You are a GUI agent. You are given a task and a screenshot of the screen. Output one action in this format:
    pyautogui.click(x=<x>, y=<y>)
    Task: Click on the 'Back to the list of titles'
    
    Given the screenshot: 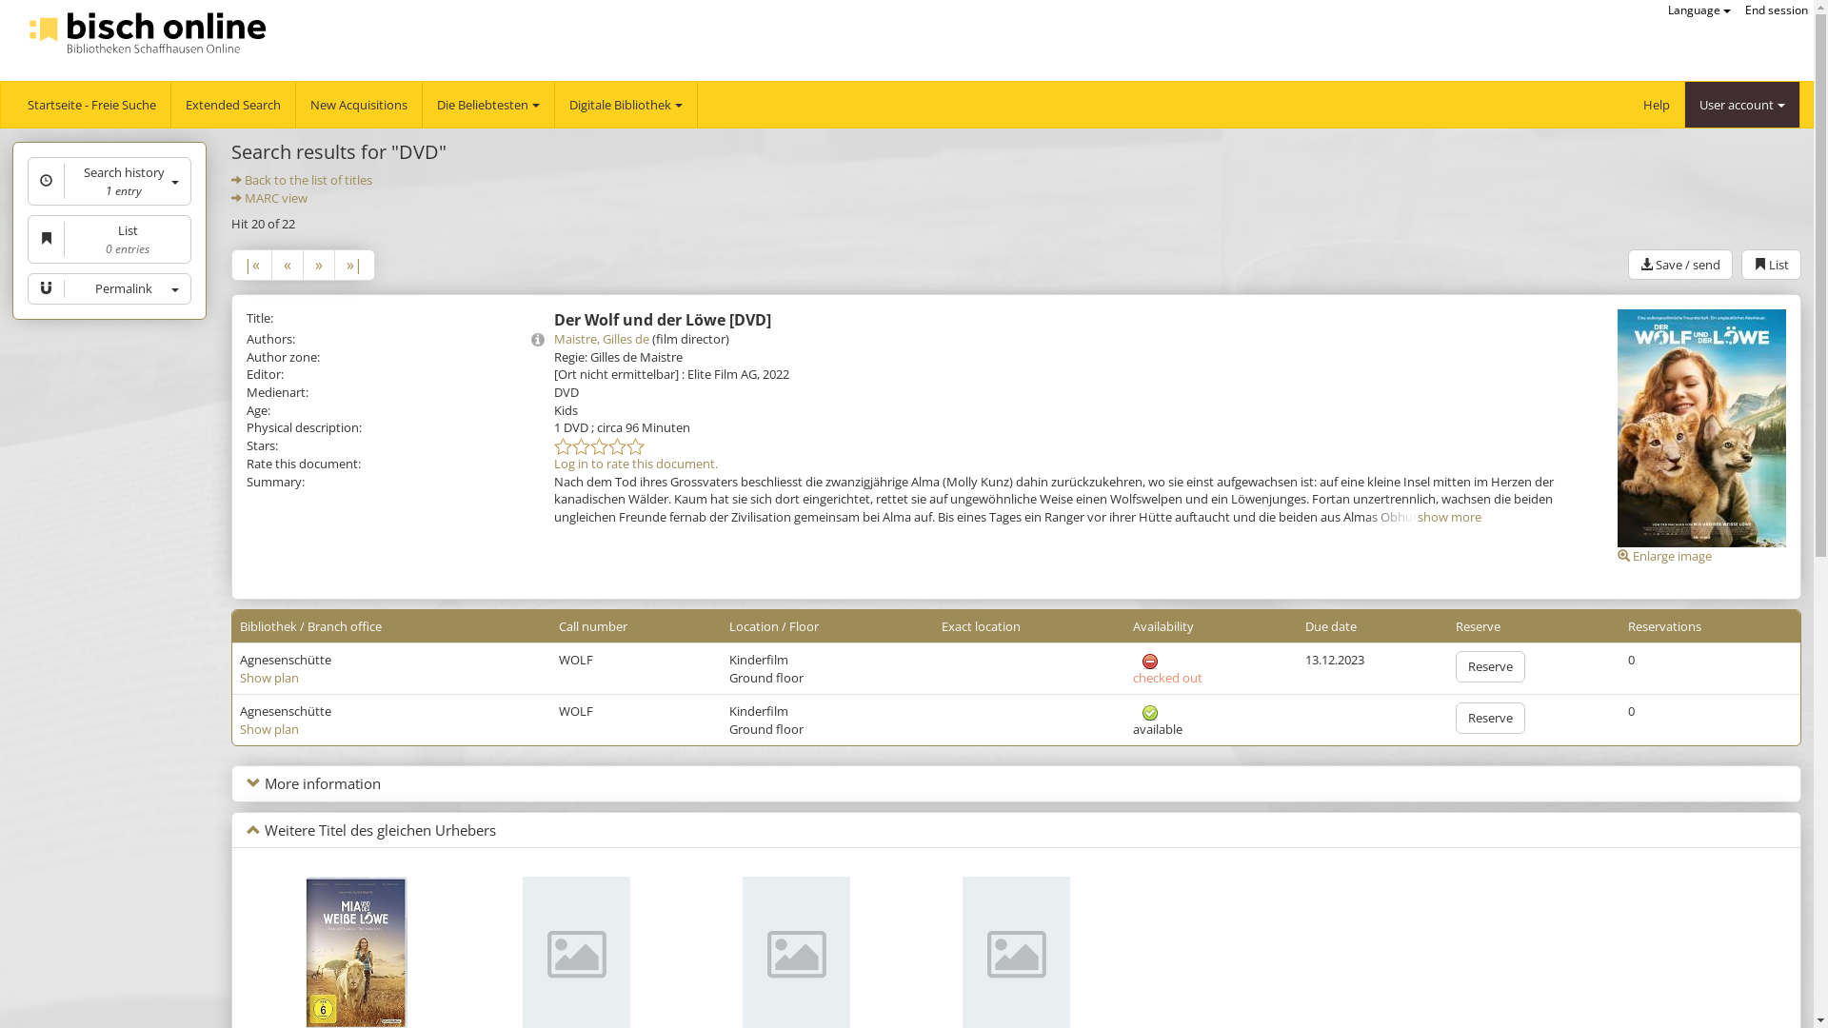 What is the action you would take?
    pyautogui.click(x=308, y=180)
    